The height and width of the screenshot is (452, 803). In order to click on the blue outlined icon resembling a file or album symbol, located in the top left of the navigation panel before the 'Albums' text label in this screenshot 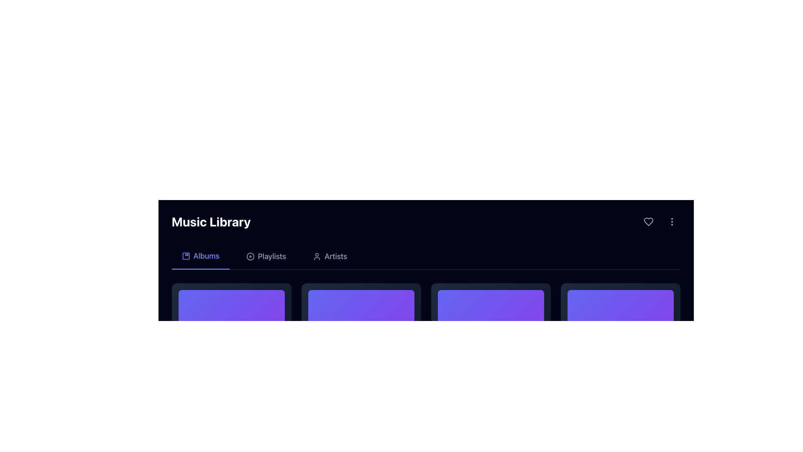, I will do `click(185, 256)`.